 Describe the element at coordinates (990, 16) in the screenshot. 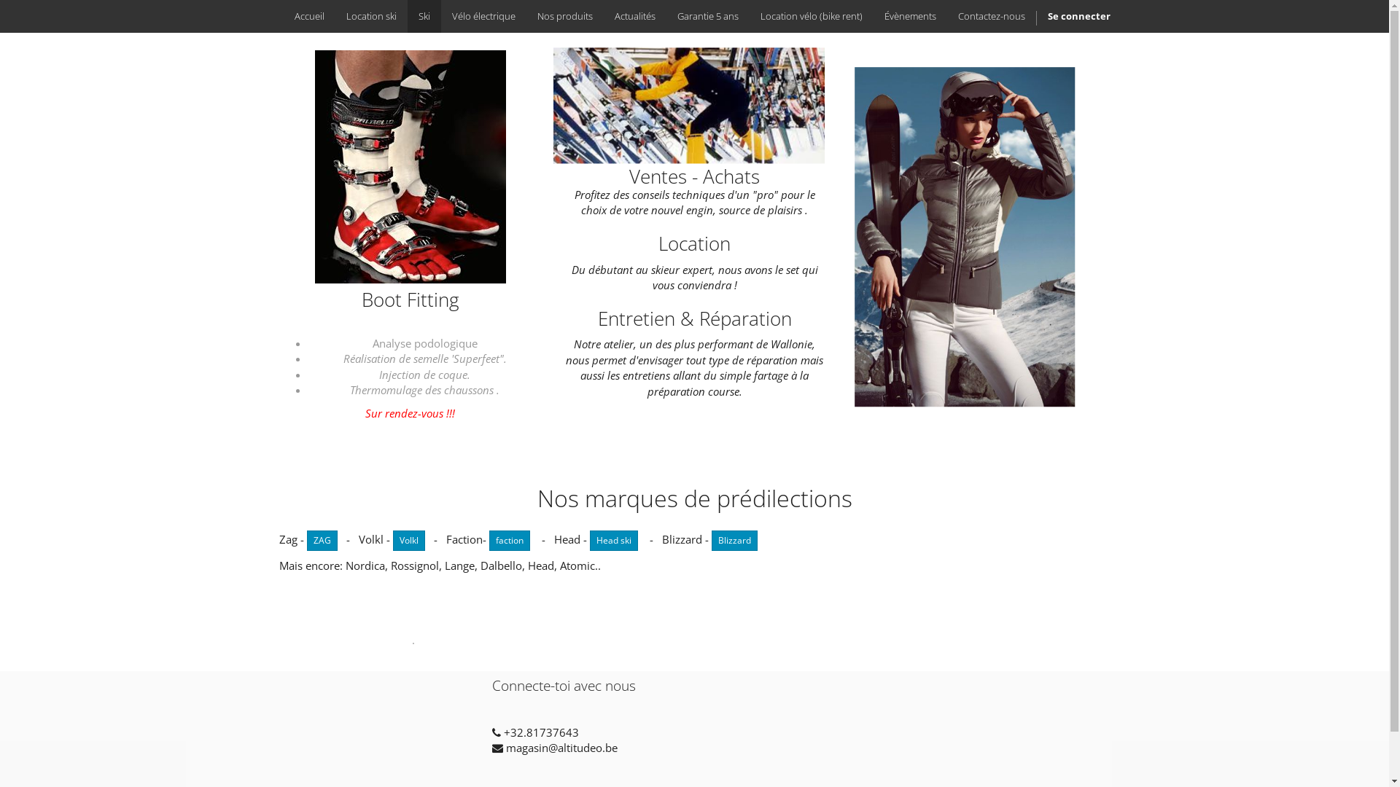

I see `'Contactez-nous'` at that location.